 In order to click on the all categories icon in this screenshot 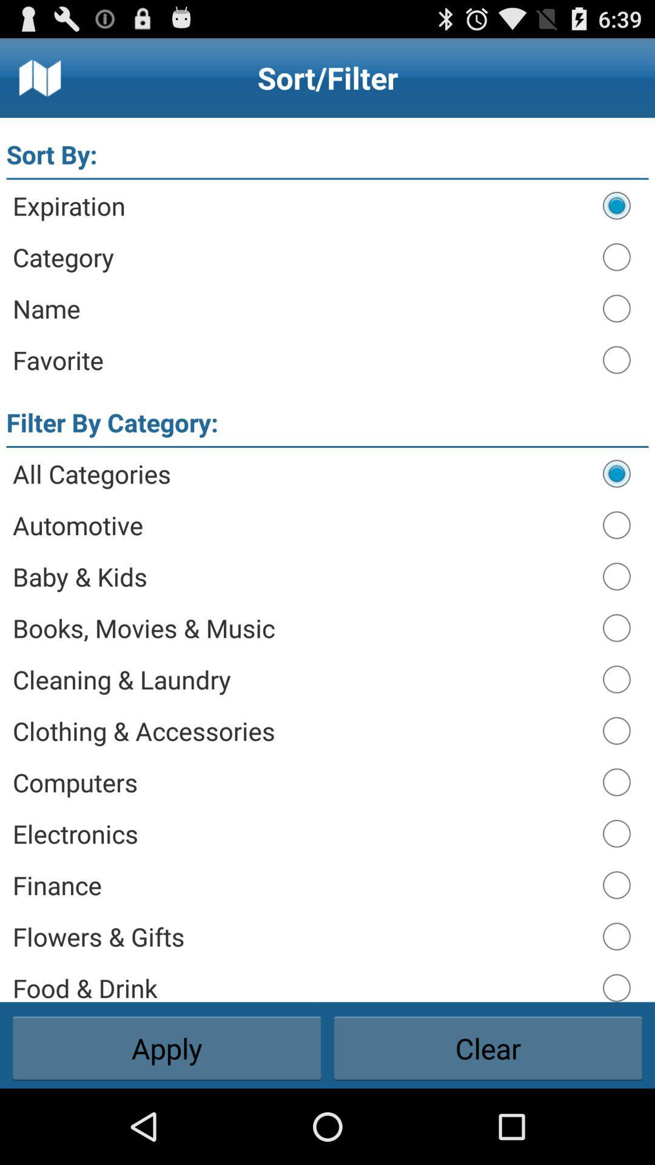, I will do `click(301, 473)`.